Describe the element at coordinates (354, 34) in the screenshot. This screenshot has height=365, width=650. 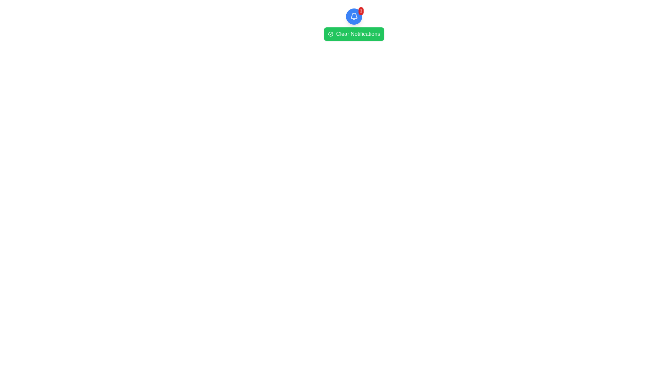
I see `the 'Clear Notifications' button, which has a green background and white text, located beneath the notification icon counter` at that location.